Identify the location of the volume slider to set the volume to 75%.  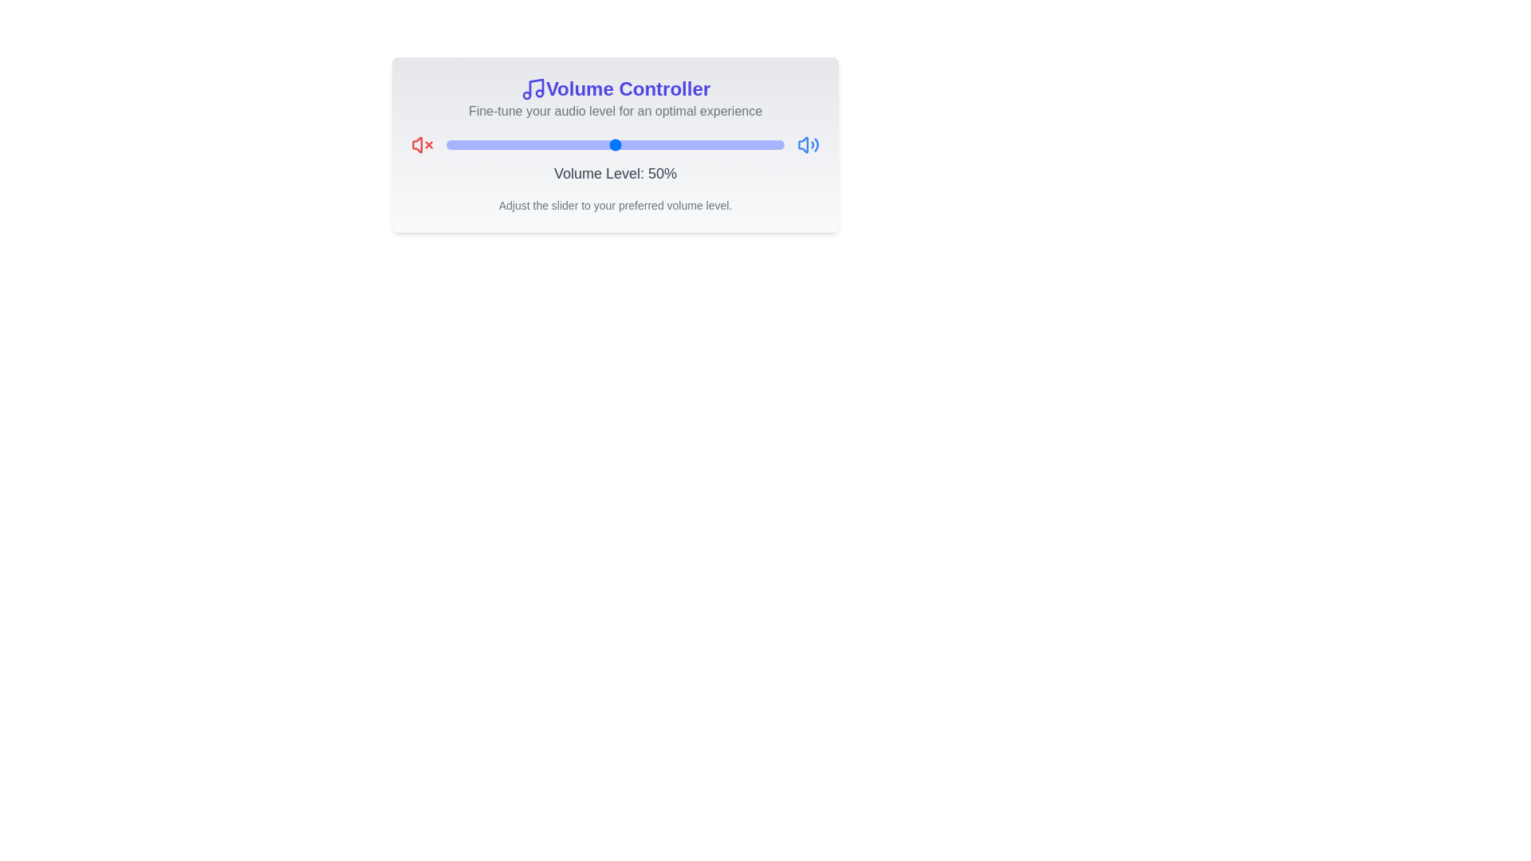
(700, 144).